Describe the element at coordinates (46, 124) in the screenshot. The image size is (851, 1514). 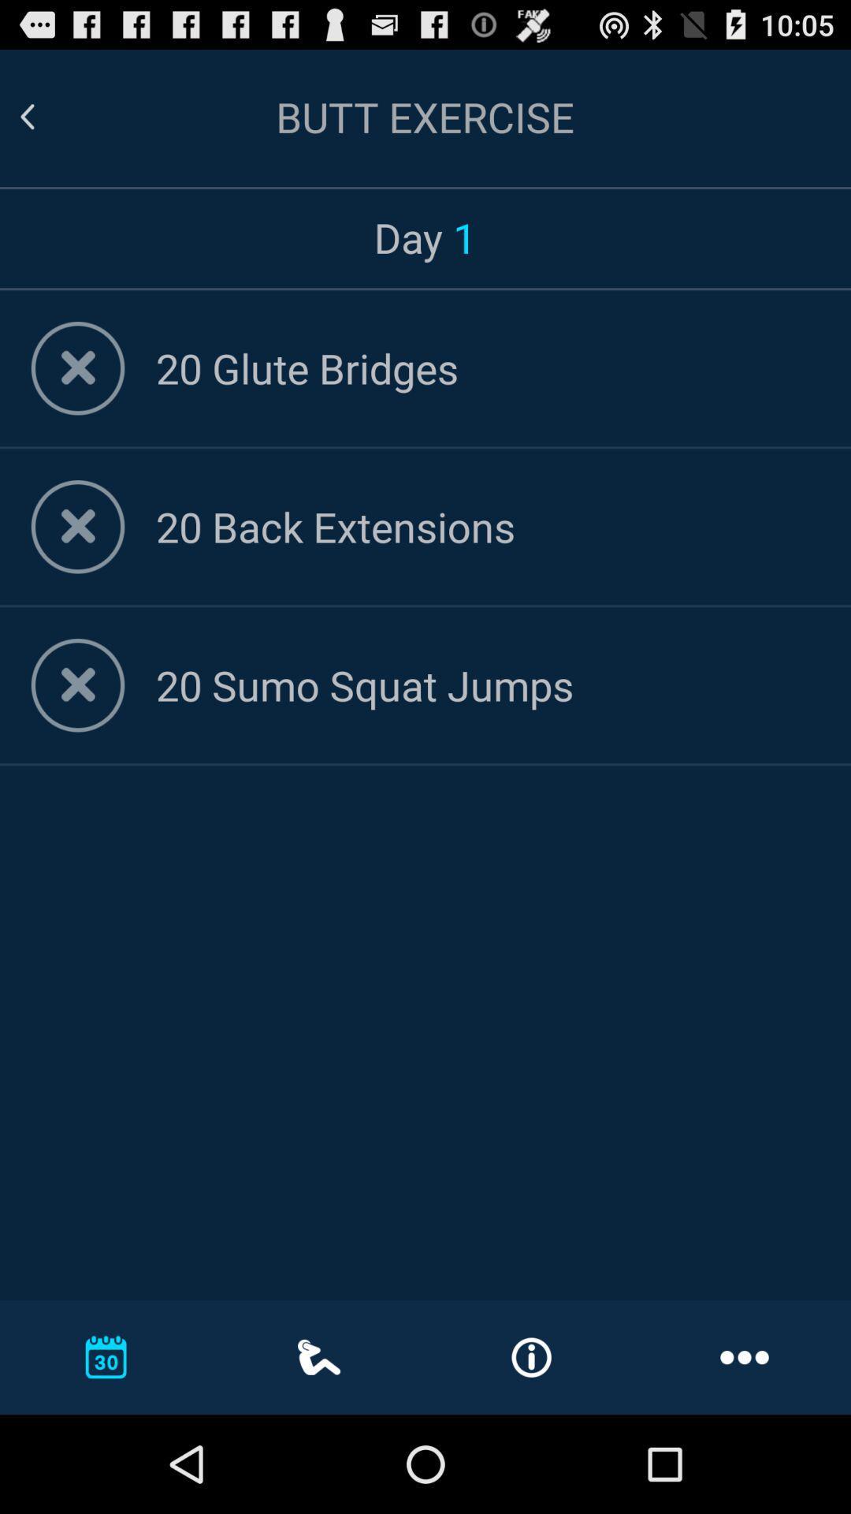
I see `the arrow_backward icon` at that location.